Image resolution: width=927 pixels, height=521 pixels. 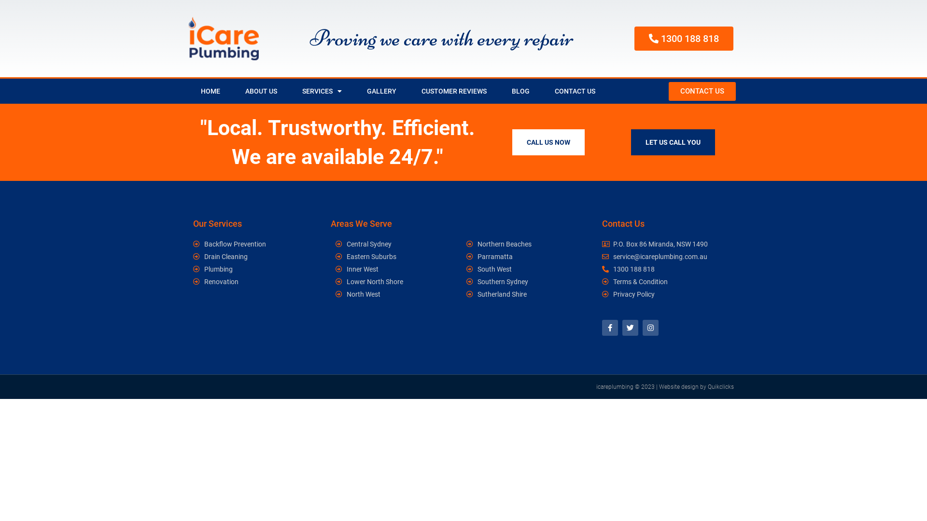 What do you see at coordinates (238, 256) in the screenshot?
I see `'Drain Cleaning'` at bounding box center [238, 256].